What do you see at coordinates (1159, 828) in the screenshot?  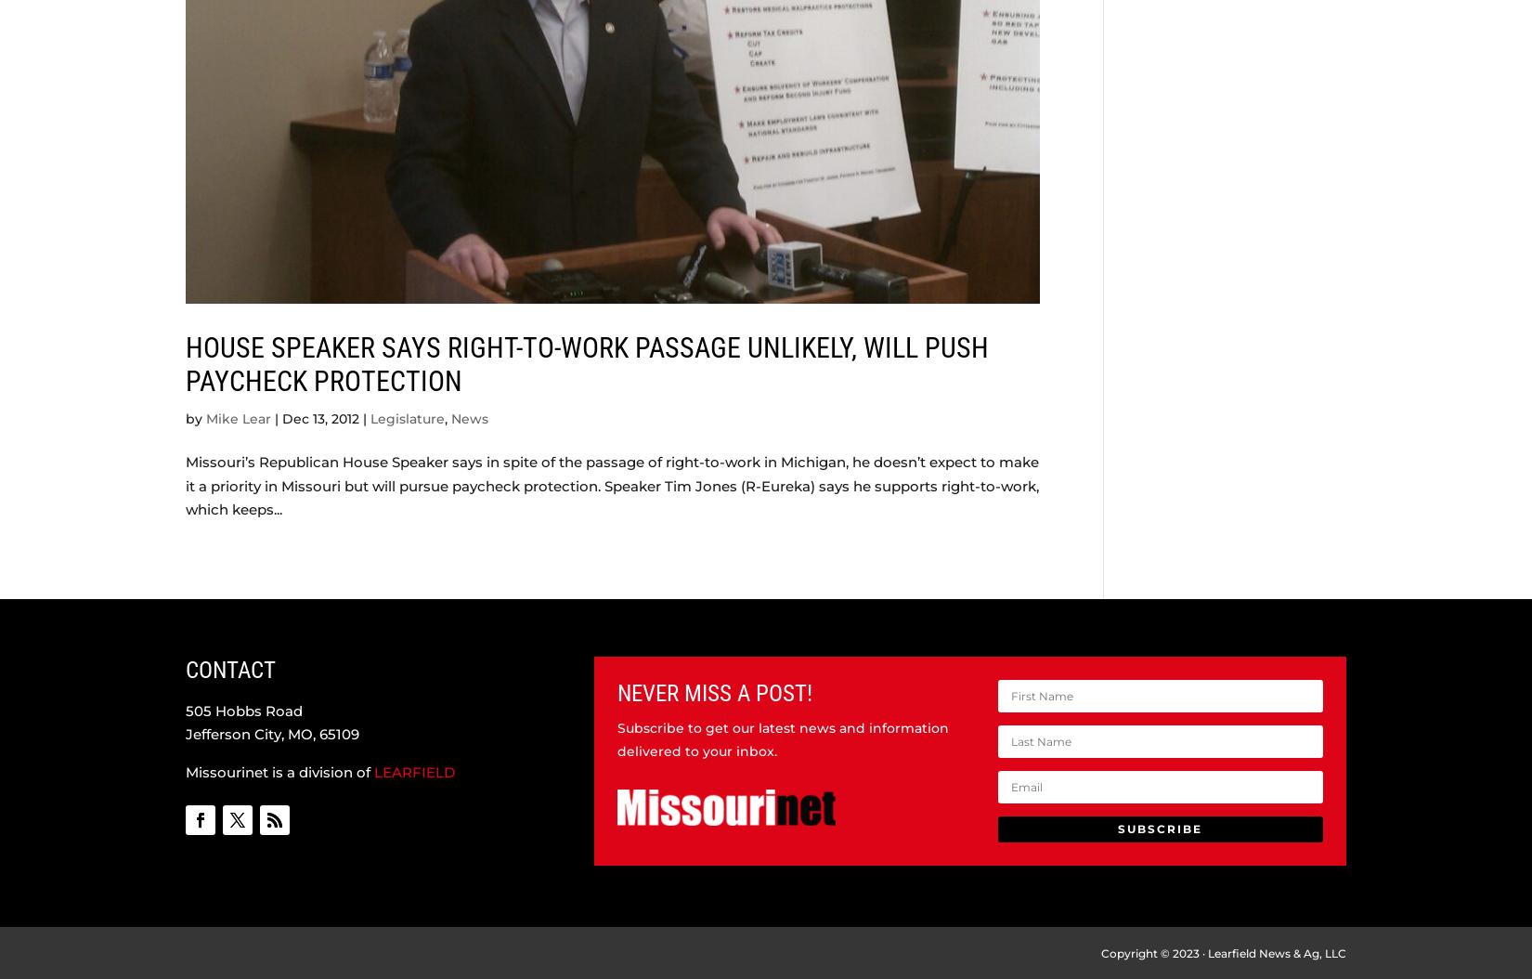 I see `'Subscribe'` at bounding box center [1159, 828].